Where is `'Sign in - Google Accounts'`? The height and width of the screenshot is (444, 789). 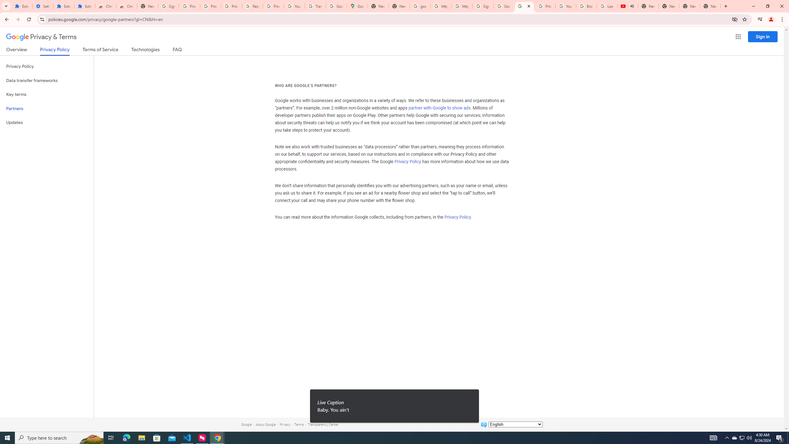
'Sign in - Google Accounts' is located at coordinates (482, 6).